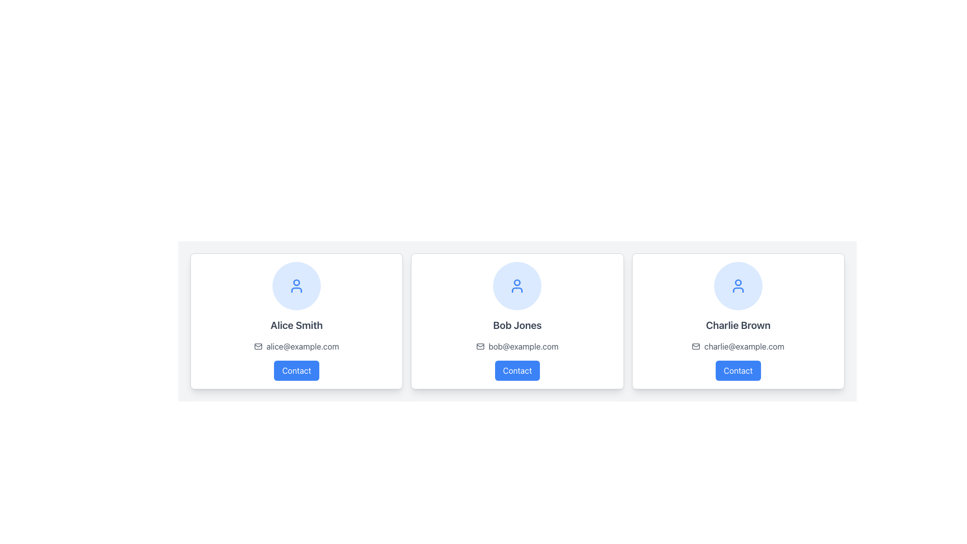 The image size is (967, 544). What do you see at coordinates (296, 283) in the screenshot?
I see `the decorative SVG circle located centrally within the avatar of the user card for 'Alice Smith' in the top left of the three-card layout` at bounding box center [296, 283].